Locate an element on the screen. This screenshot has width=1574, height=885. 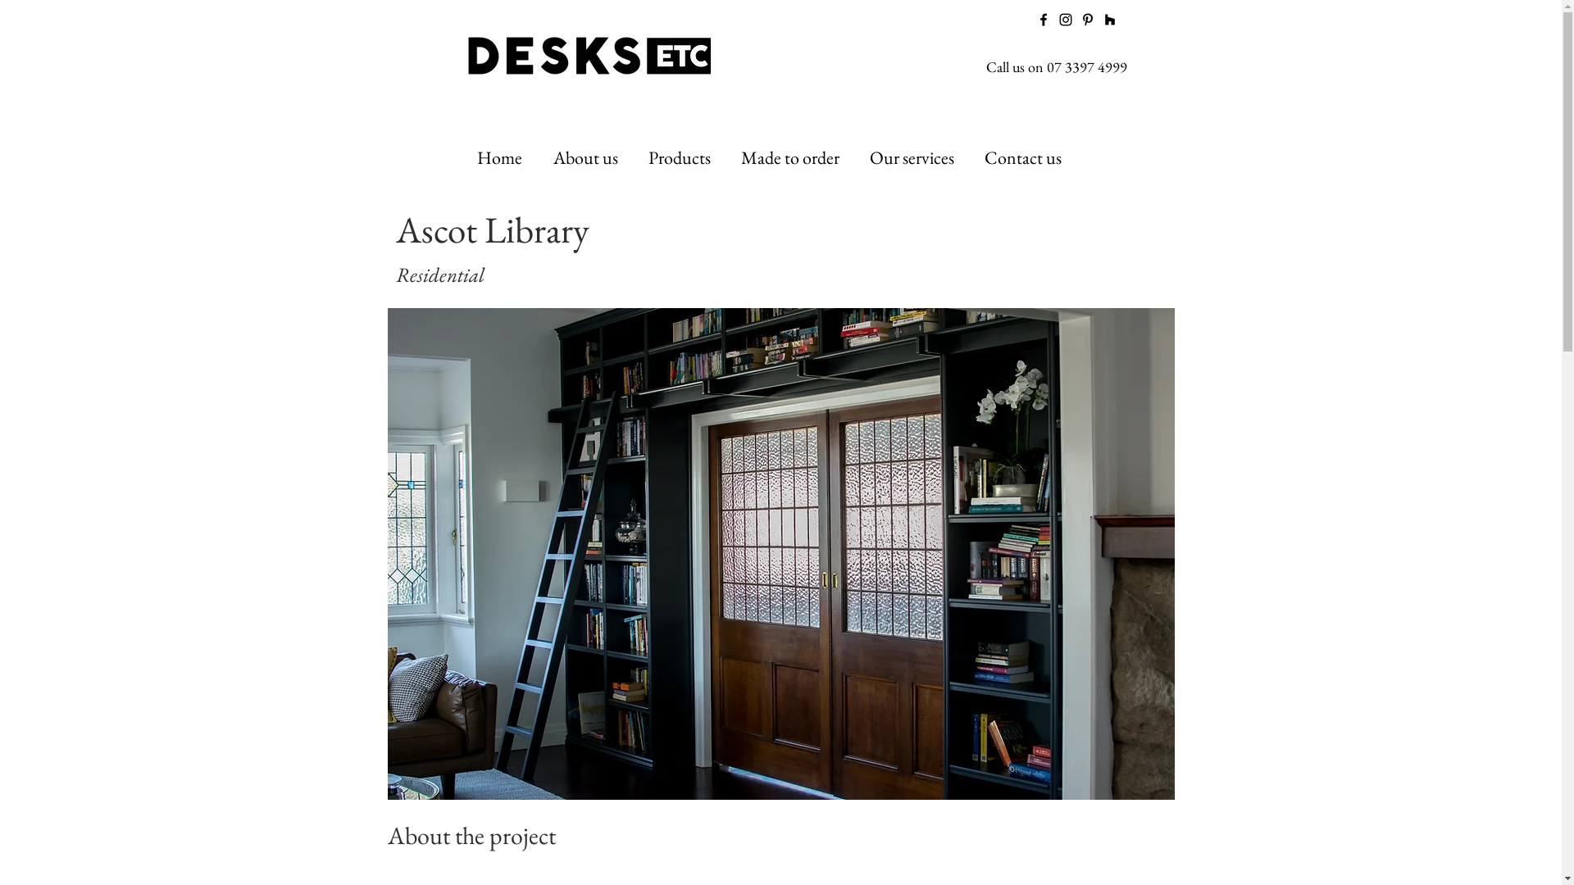
'Contact us' is located at coordinates (971, 157).